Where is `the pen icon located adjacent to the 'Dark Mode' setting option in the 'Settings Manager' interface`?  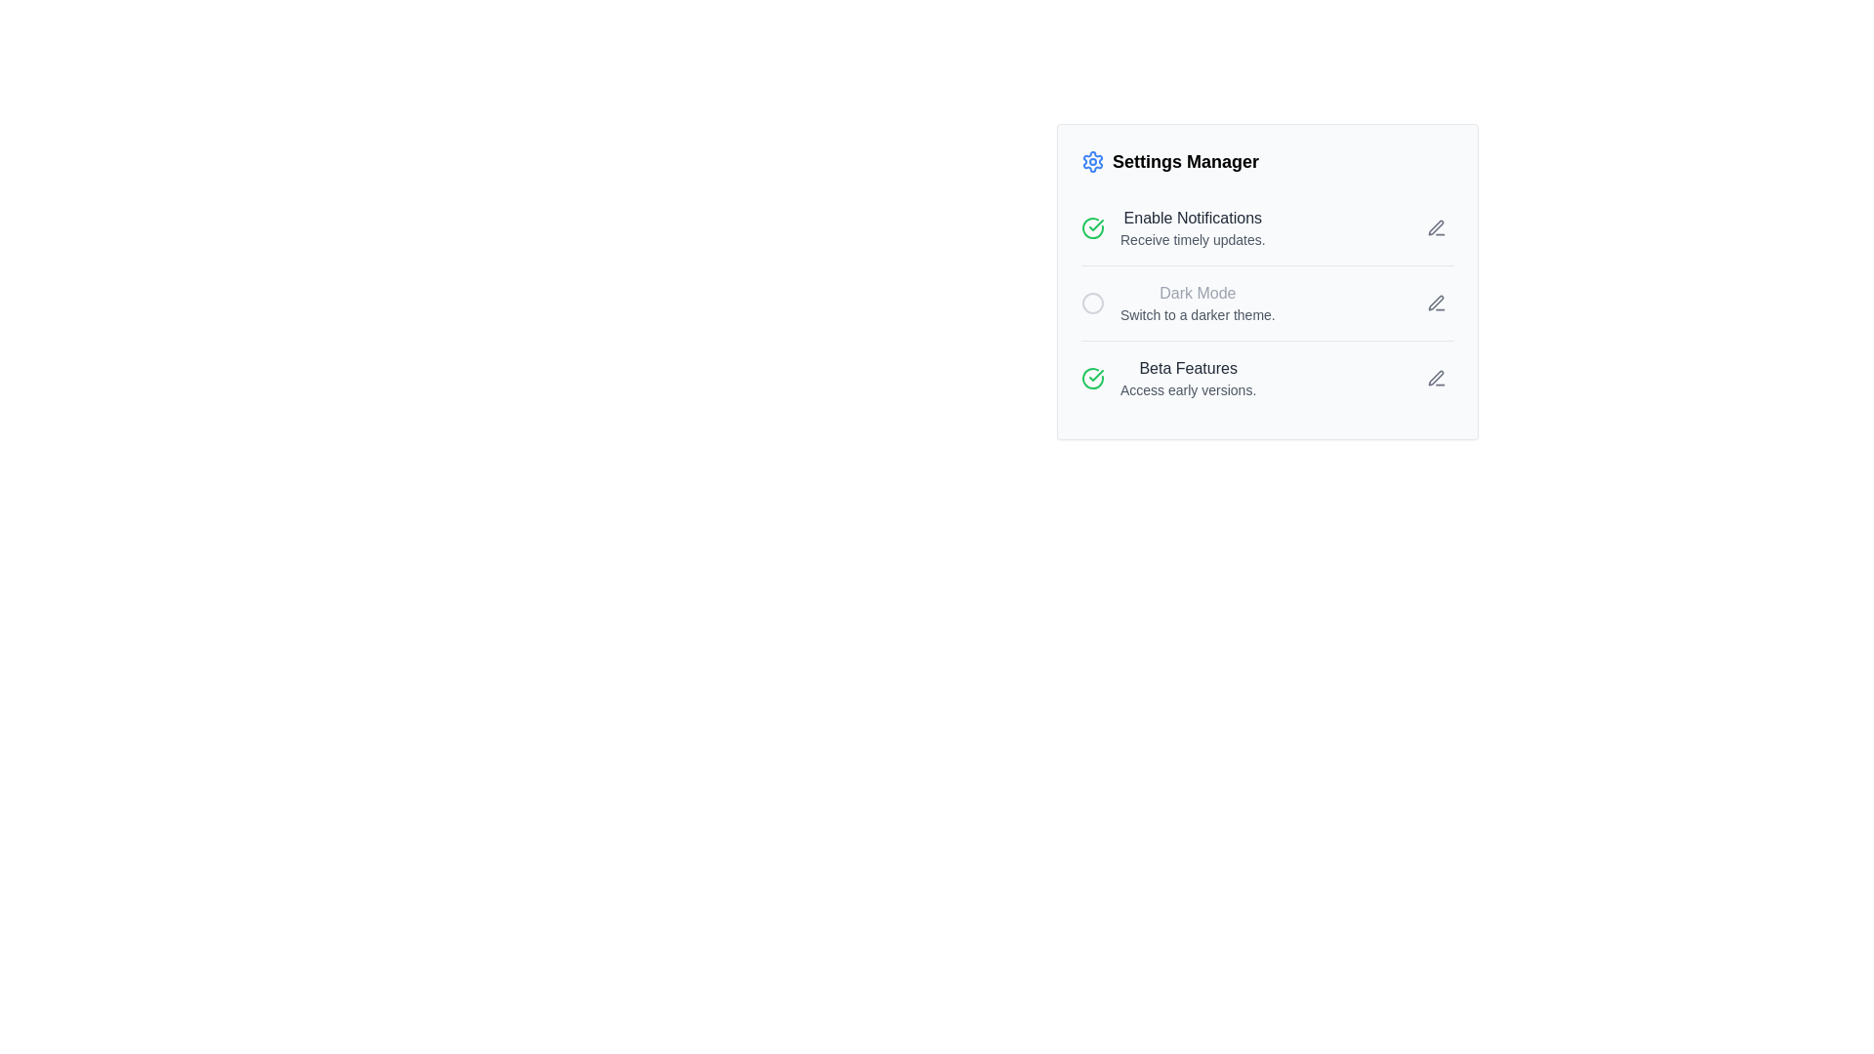
the pen icon located adjacent to the 'Dark Mode' setting option in the 'Settings Manager' interface is located at coordinates (1437, 304).